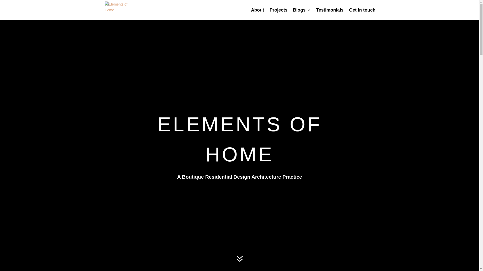 The height and width of the screenshot is (271, 483). I want to click on 'Projects', so click(269, 14).